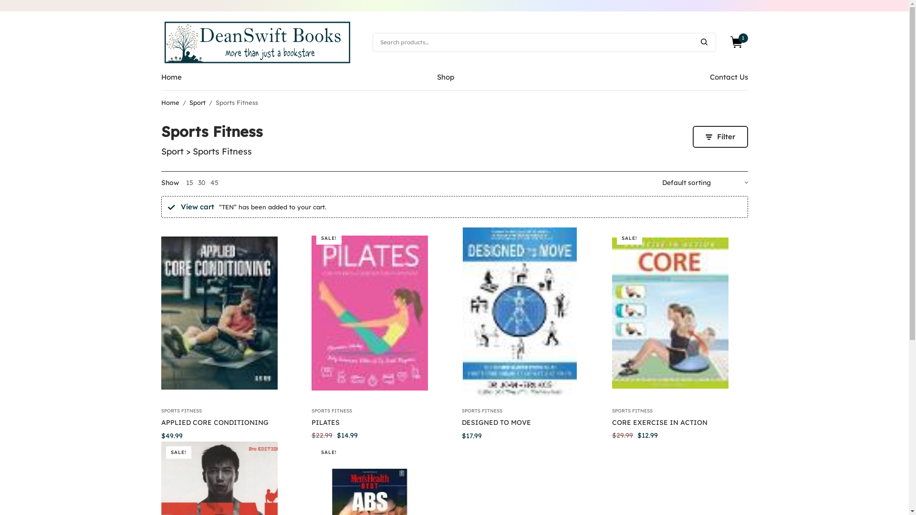 The width and height of the screenshot is (916, 515). What do you see at coordinates (611, 410) in the screenshot?
I see `'SPORTS FITNESS'` at bounding box center [611, 410].